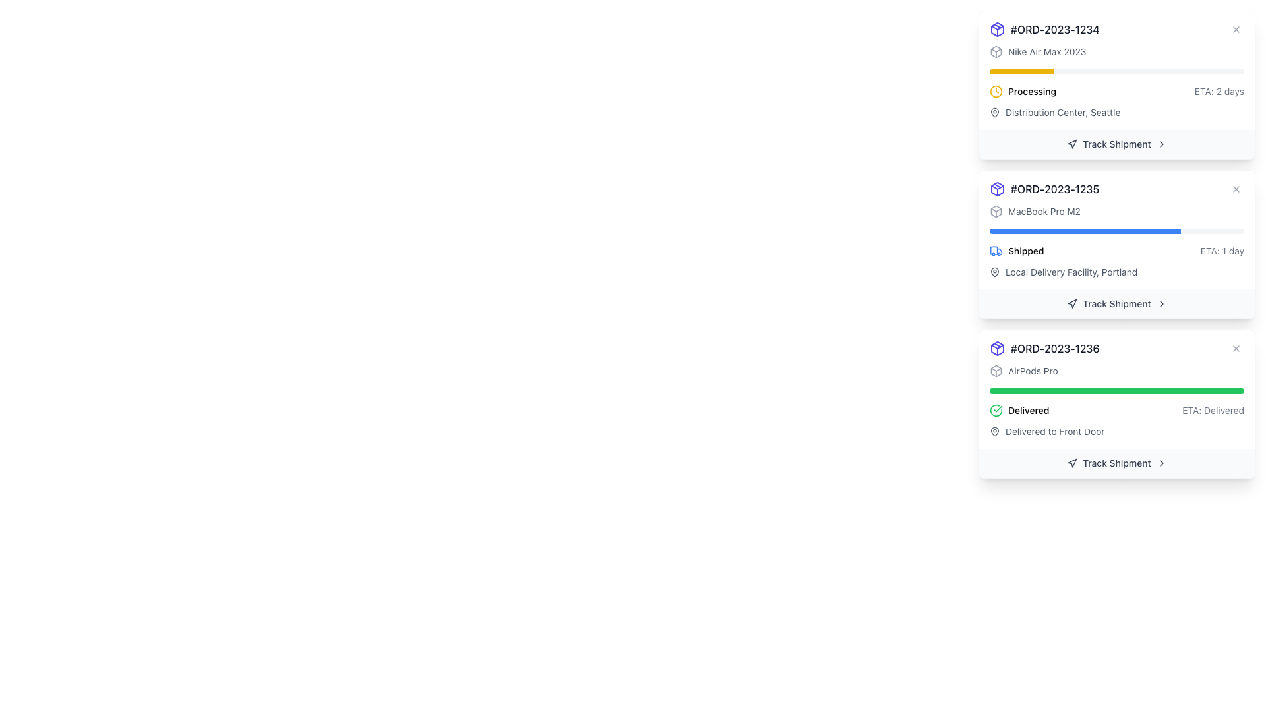  Describe the element at coordinates (1044, 210) in the screenshot. I see `the static text label displaying 'MacBook Pro M2', which is styled in gray and part of a shipment detail card, located above a progress bar and to the right of an icon` at that location.